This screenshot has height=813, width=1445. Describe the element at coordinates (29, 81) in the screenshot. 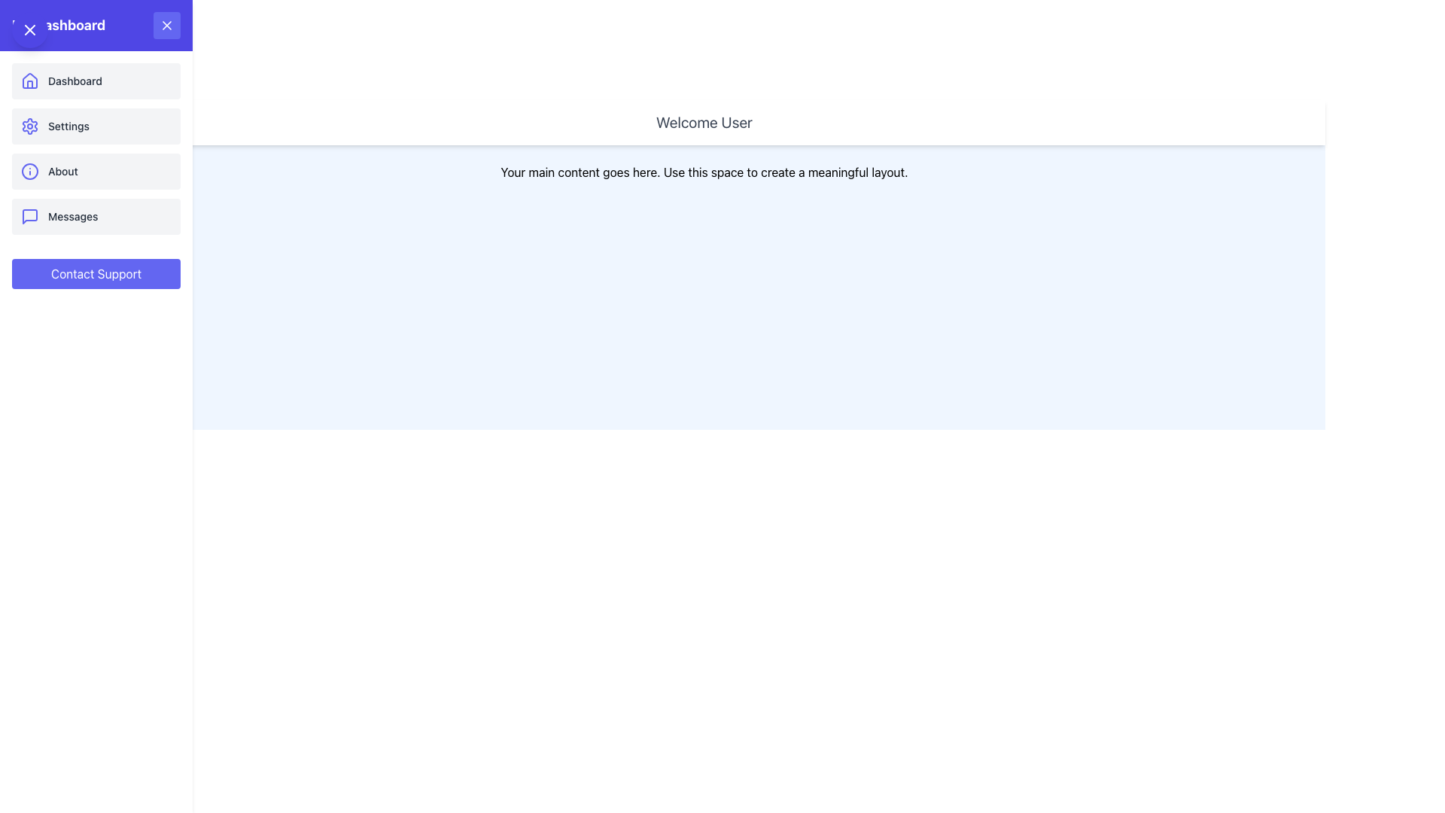

I see `the 'home' navigation icon in the sidebar menu` at that location.